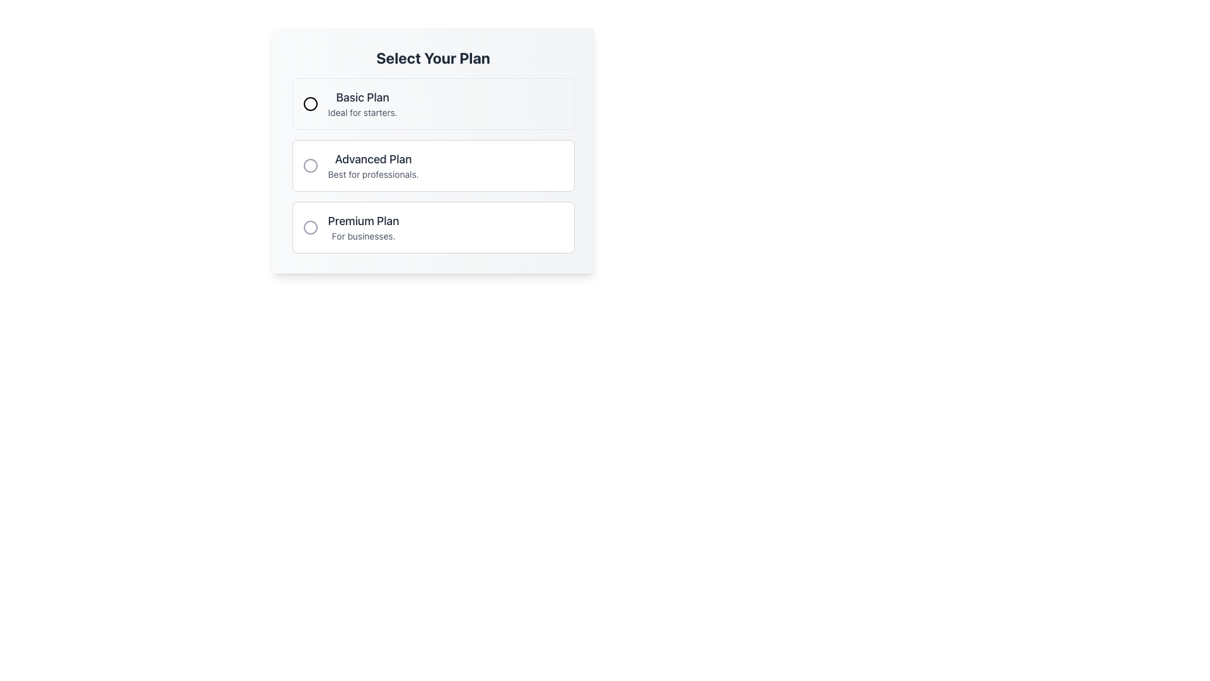 This screenshot has width=1210, height=681. What do you see at coordinates (372, 165) in the screenshot?
I see `information displayed in the text block that describes the 'Advanced Plan', which states it is 'Best for professionals'` at bounding box center [372, 165].